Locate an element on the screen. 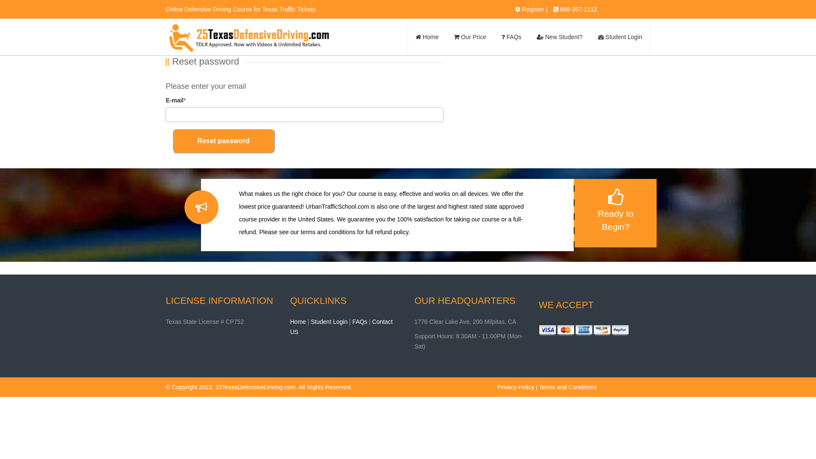 The image size is (816, 459). 'New Student?' is located at coordinates (528, 37).